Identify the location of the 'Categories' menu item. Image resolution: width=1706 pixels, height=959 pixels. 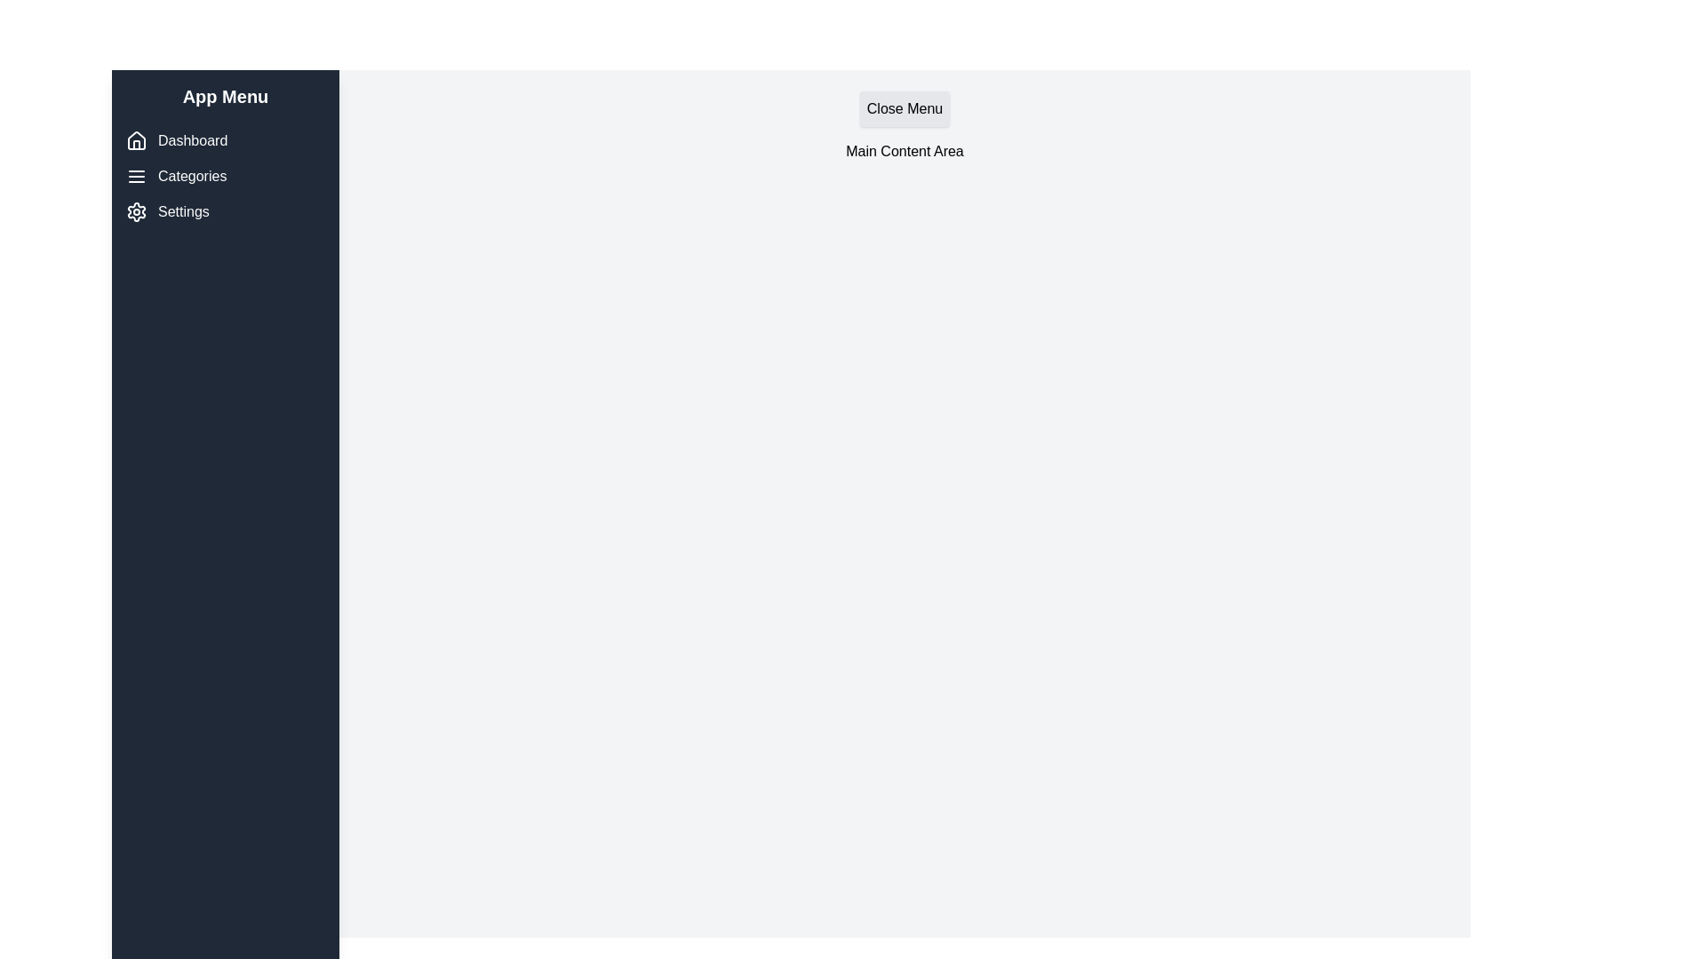
(225, 177).